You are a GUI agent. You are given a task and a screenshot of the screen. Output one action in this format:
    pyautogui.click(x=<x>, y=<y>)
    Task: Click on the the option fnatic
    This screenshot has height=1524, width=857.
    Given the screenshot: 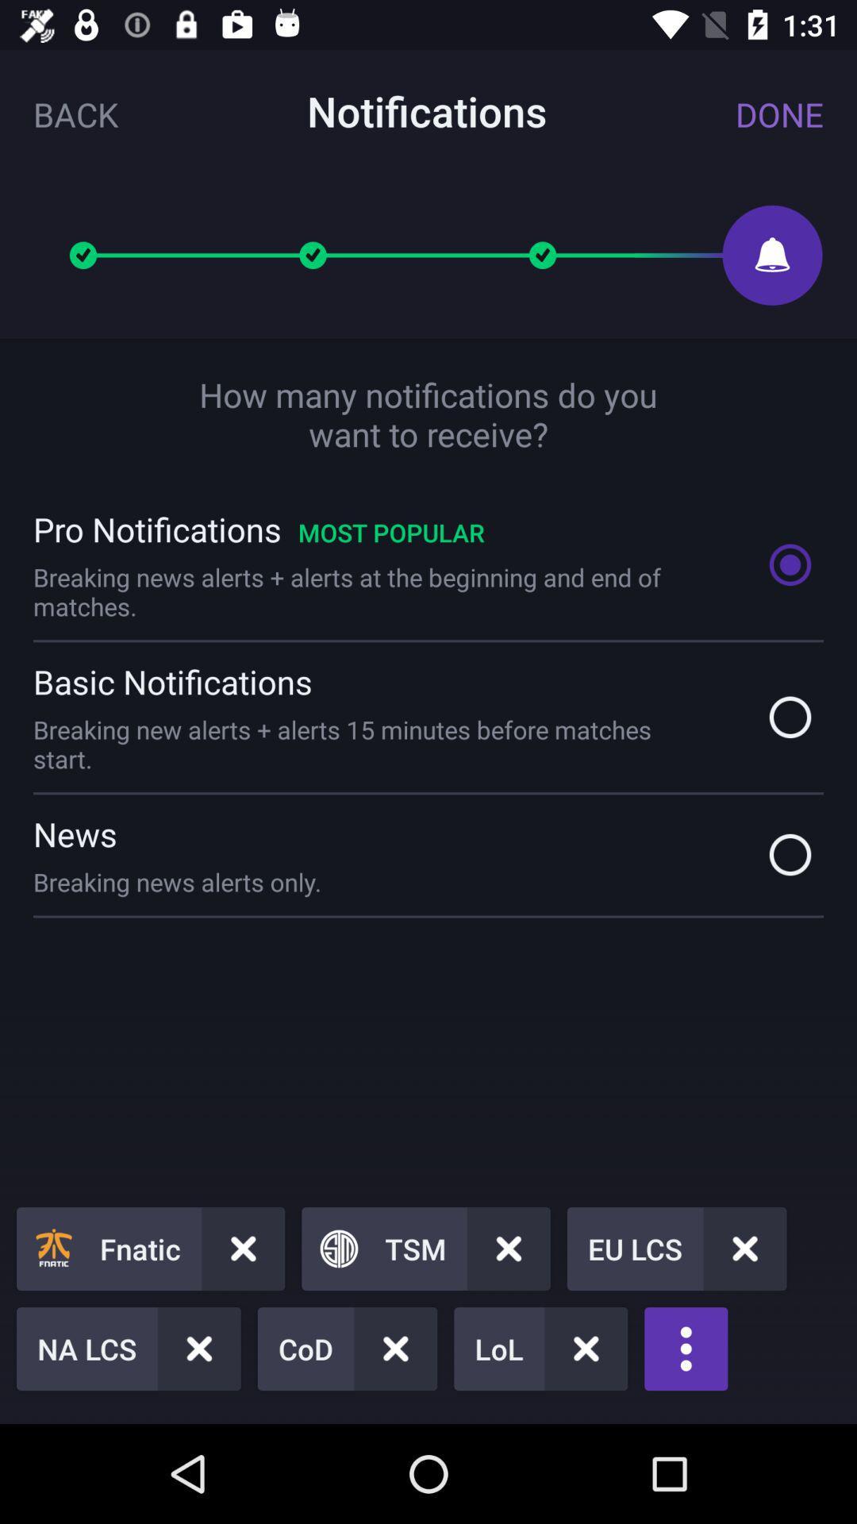 What is the action you would take?
    pyautogui.click(x=150, y=1248)
    